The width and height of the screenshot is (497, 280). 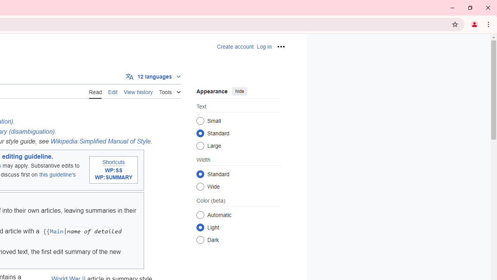 What do you see at coordinates (200, 186) in the screenshot?
I see `'Wide'` at bounding box center [200, 186].